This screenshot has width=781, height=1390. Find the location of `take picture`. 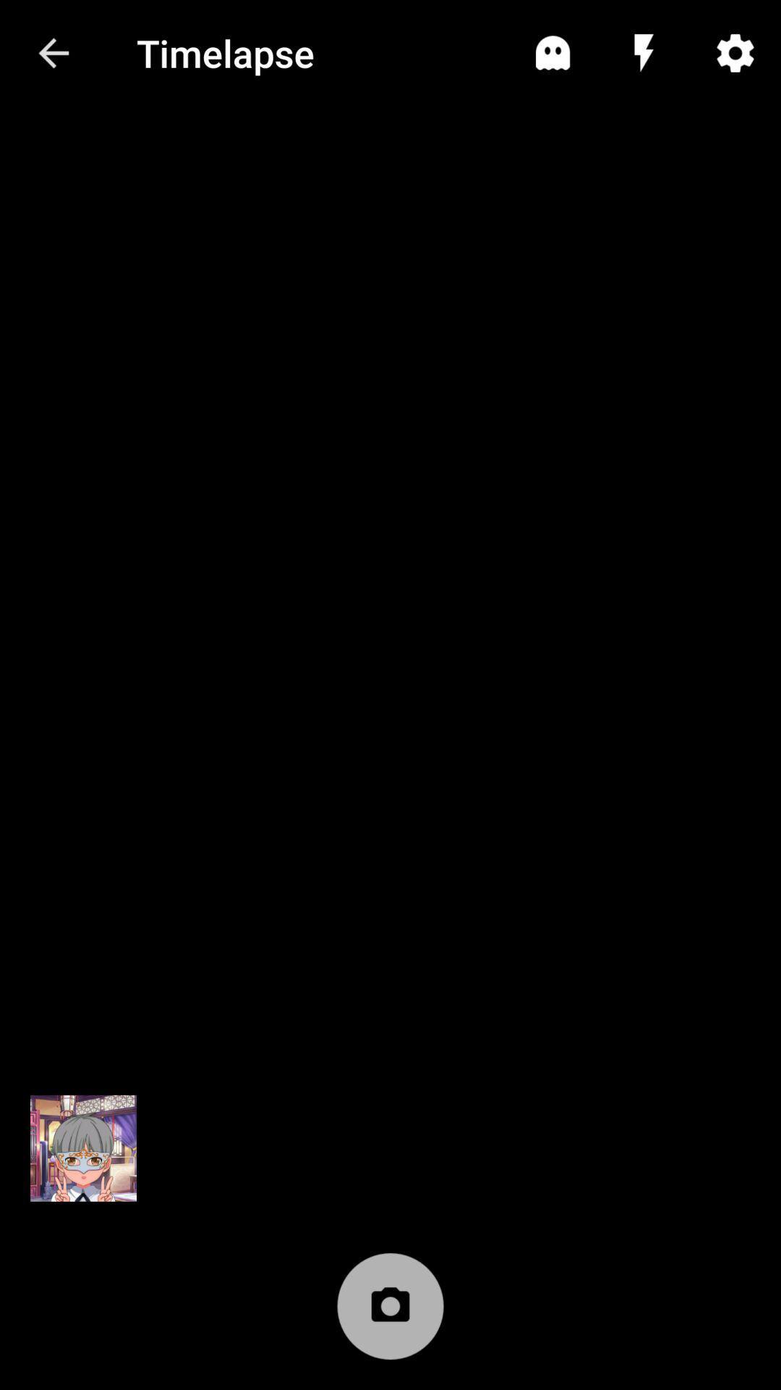

take picture is located at coordinates (390, 1313).